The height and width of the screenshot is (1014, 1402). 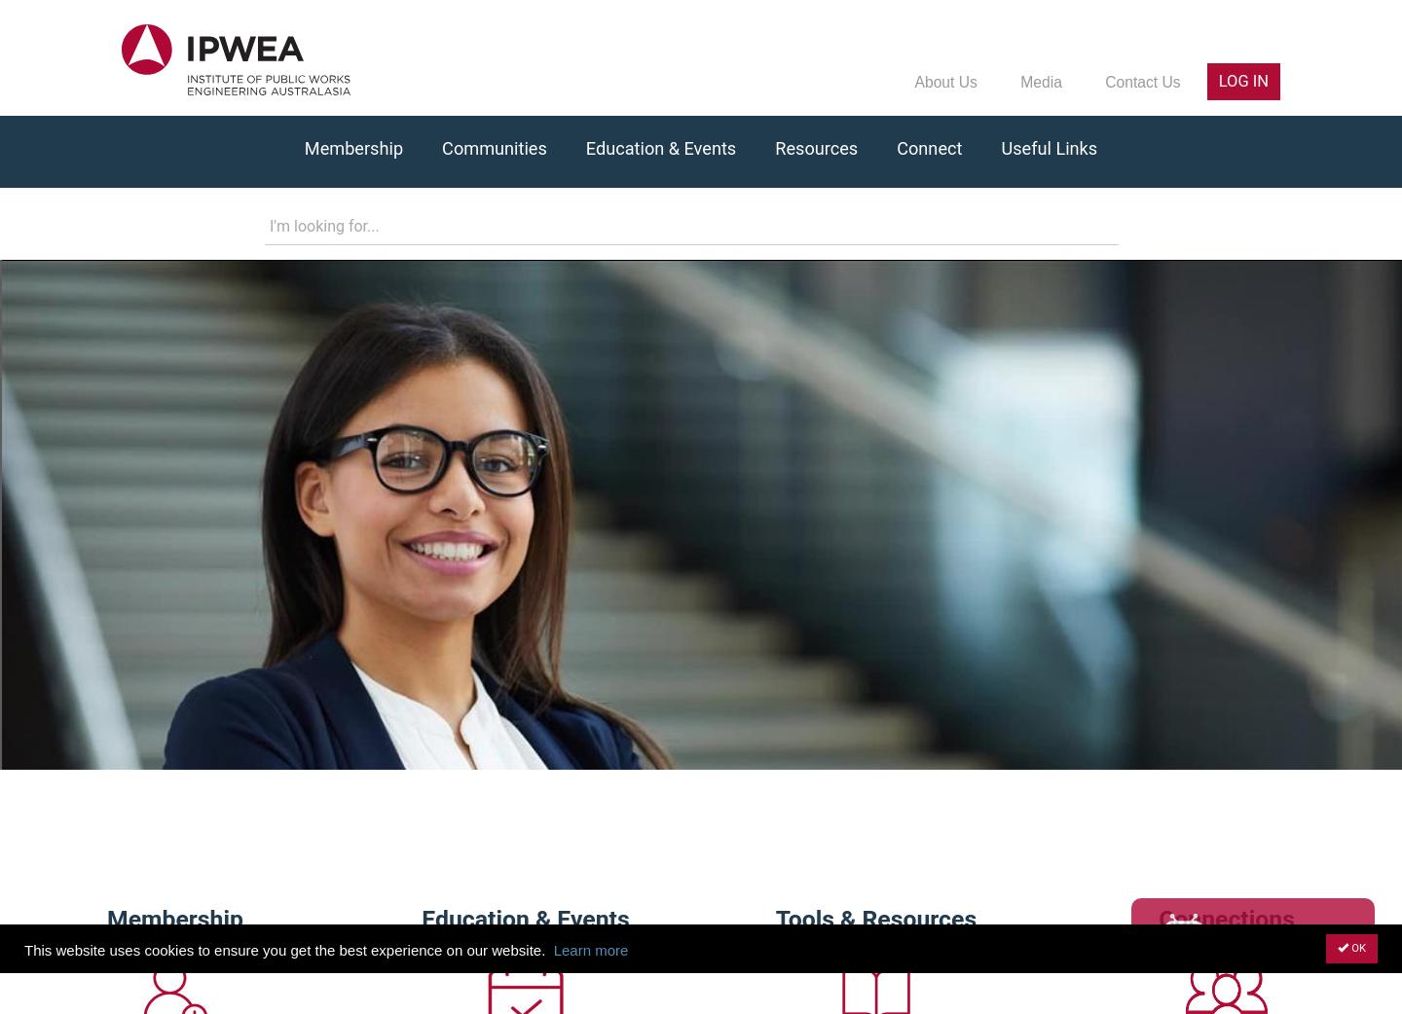 What do you see at coordinates (929, 148) in the screenshot?
I see `'Connect'` at bounding box center [929, 148].